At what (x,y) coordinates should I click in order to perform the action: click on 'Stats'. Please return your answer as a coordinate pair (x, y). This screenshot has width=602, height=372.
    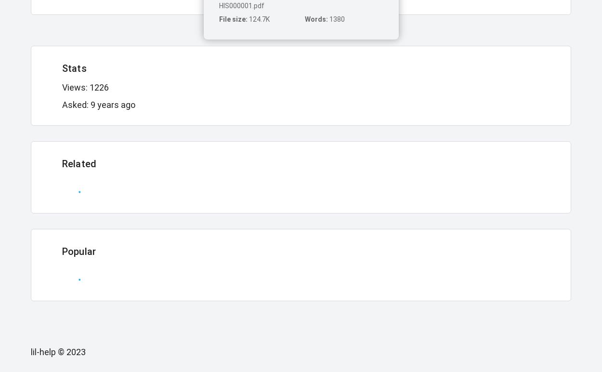
    Looking at the image, I should click on (74, 68).